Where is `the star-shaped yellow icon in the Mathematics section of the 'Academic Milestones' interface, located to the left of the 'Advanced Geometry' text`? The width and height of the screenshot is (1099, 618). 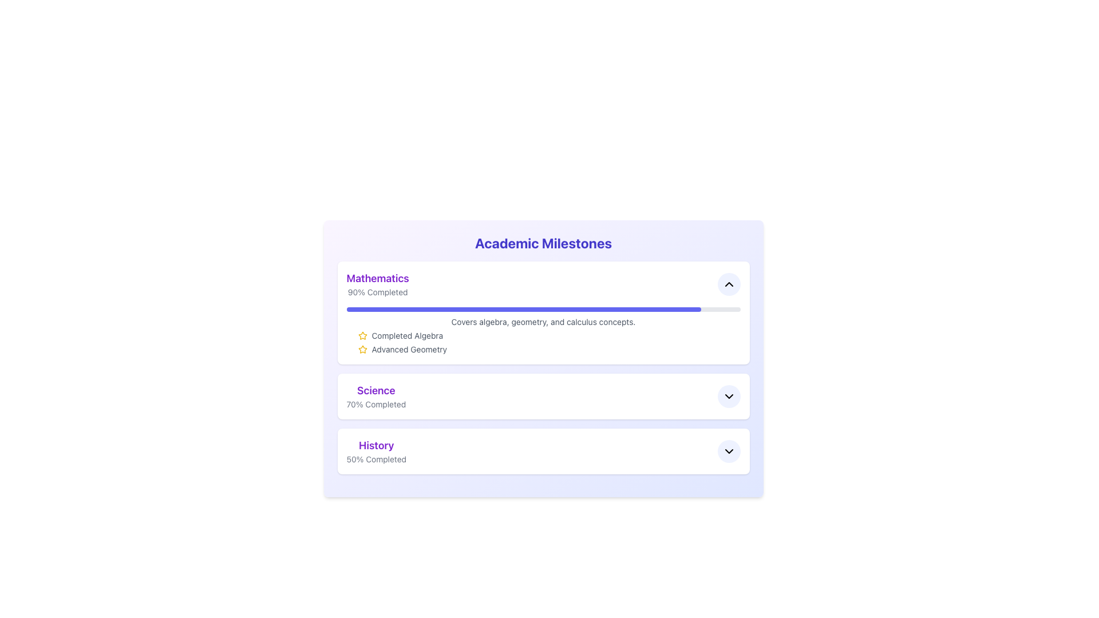 the star-shaped yellow icon in the Mathematics section of the 'Academic Milestones' interface, located to the left of the 'Advanced Geometry' text is located at coordinates (362, 335).